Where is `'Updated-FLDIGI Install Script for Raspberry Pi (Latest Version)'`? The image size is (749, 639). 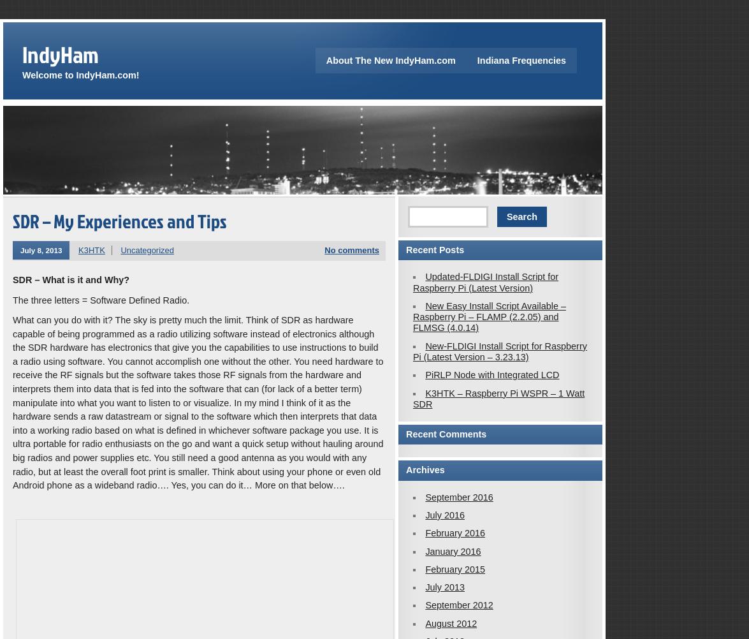
'Updated-FLDIGI Install Script for Raspberry Pi (Latest Version)' is located at coordinates (484, 281).